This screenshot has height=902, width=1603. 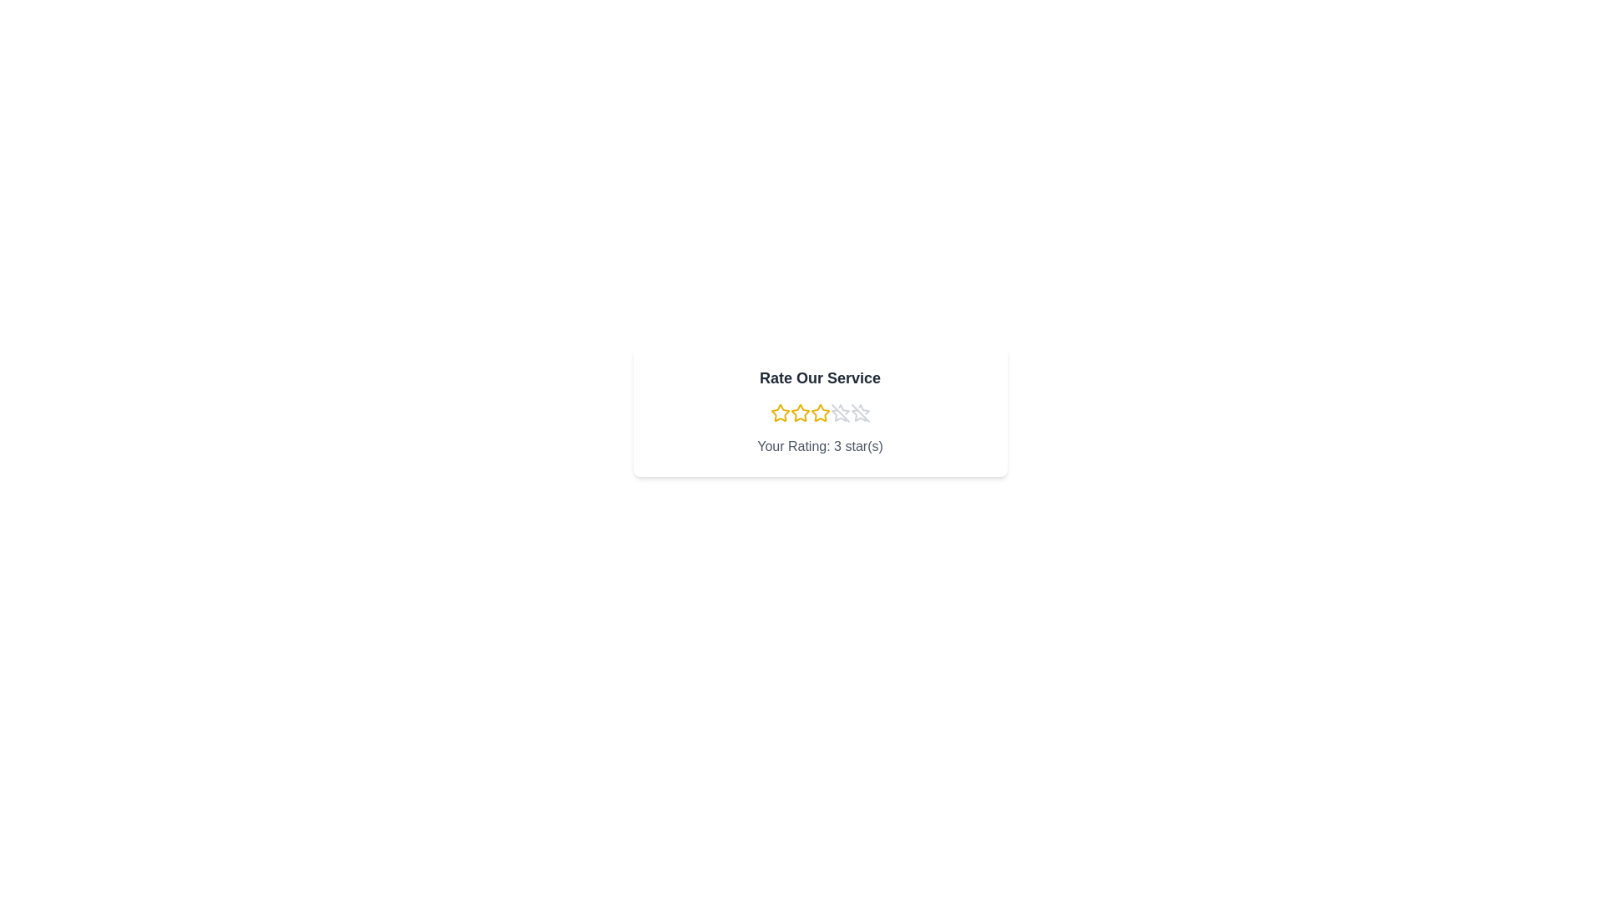 I want to click on the rating to 3 stars by clicking on the corresponding star, so click(x=820, y=413).